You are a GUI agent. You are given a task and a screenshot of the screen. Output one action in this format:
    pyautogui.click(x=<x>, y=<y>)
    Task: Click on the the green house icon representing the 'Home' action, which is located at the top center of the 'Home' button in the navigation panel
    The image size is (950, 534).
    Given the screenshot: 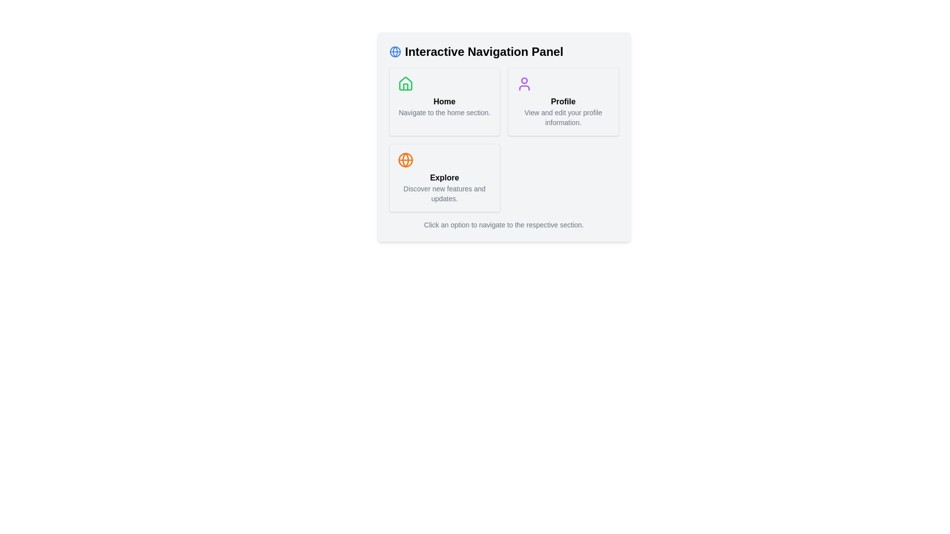 What is the action you would take?
    pyautogui.click(x=405, y=83)
    